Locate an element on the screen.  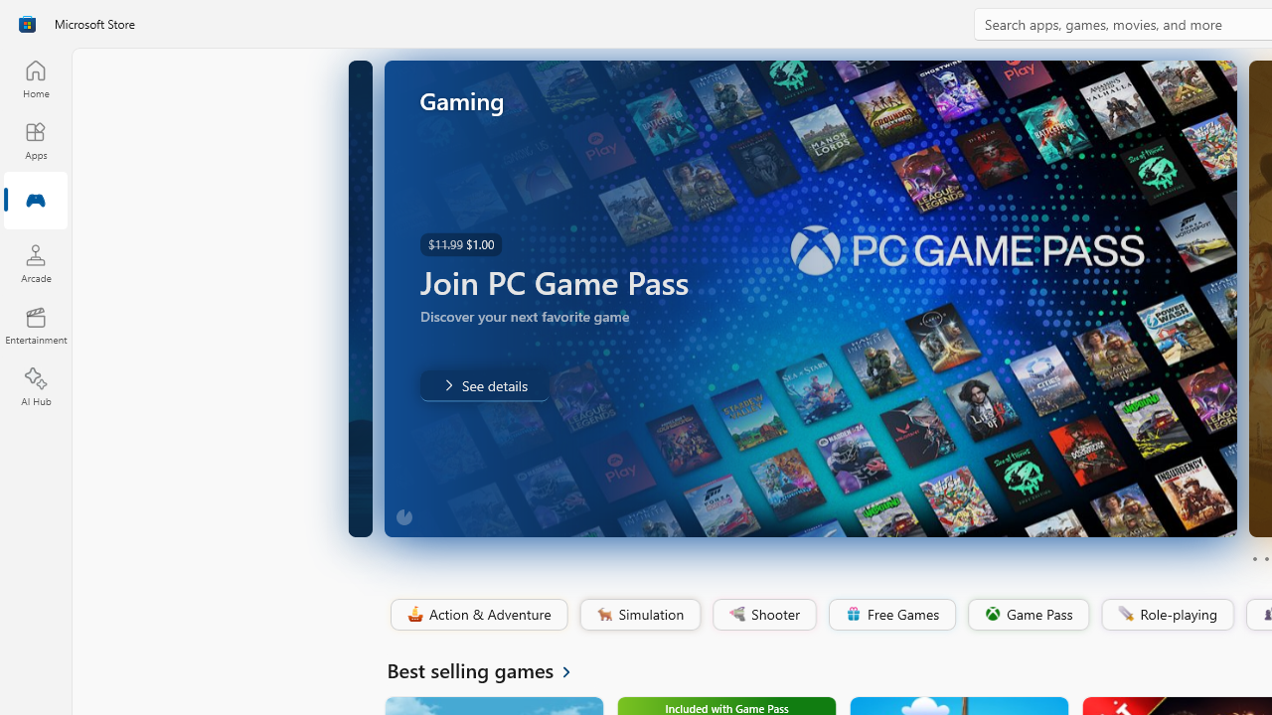
'AutomationID: Image' is located at coordinates (810, 298).